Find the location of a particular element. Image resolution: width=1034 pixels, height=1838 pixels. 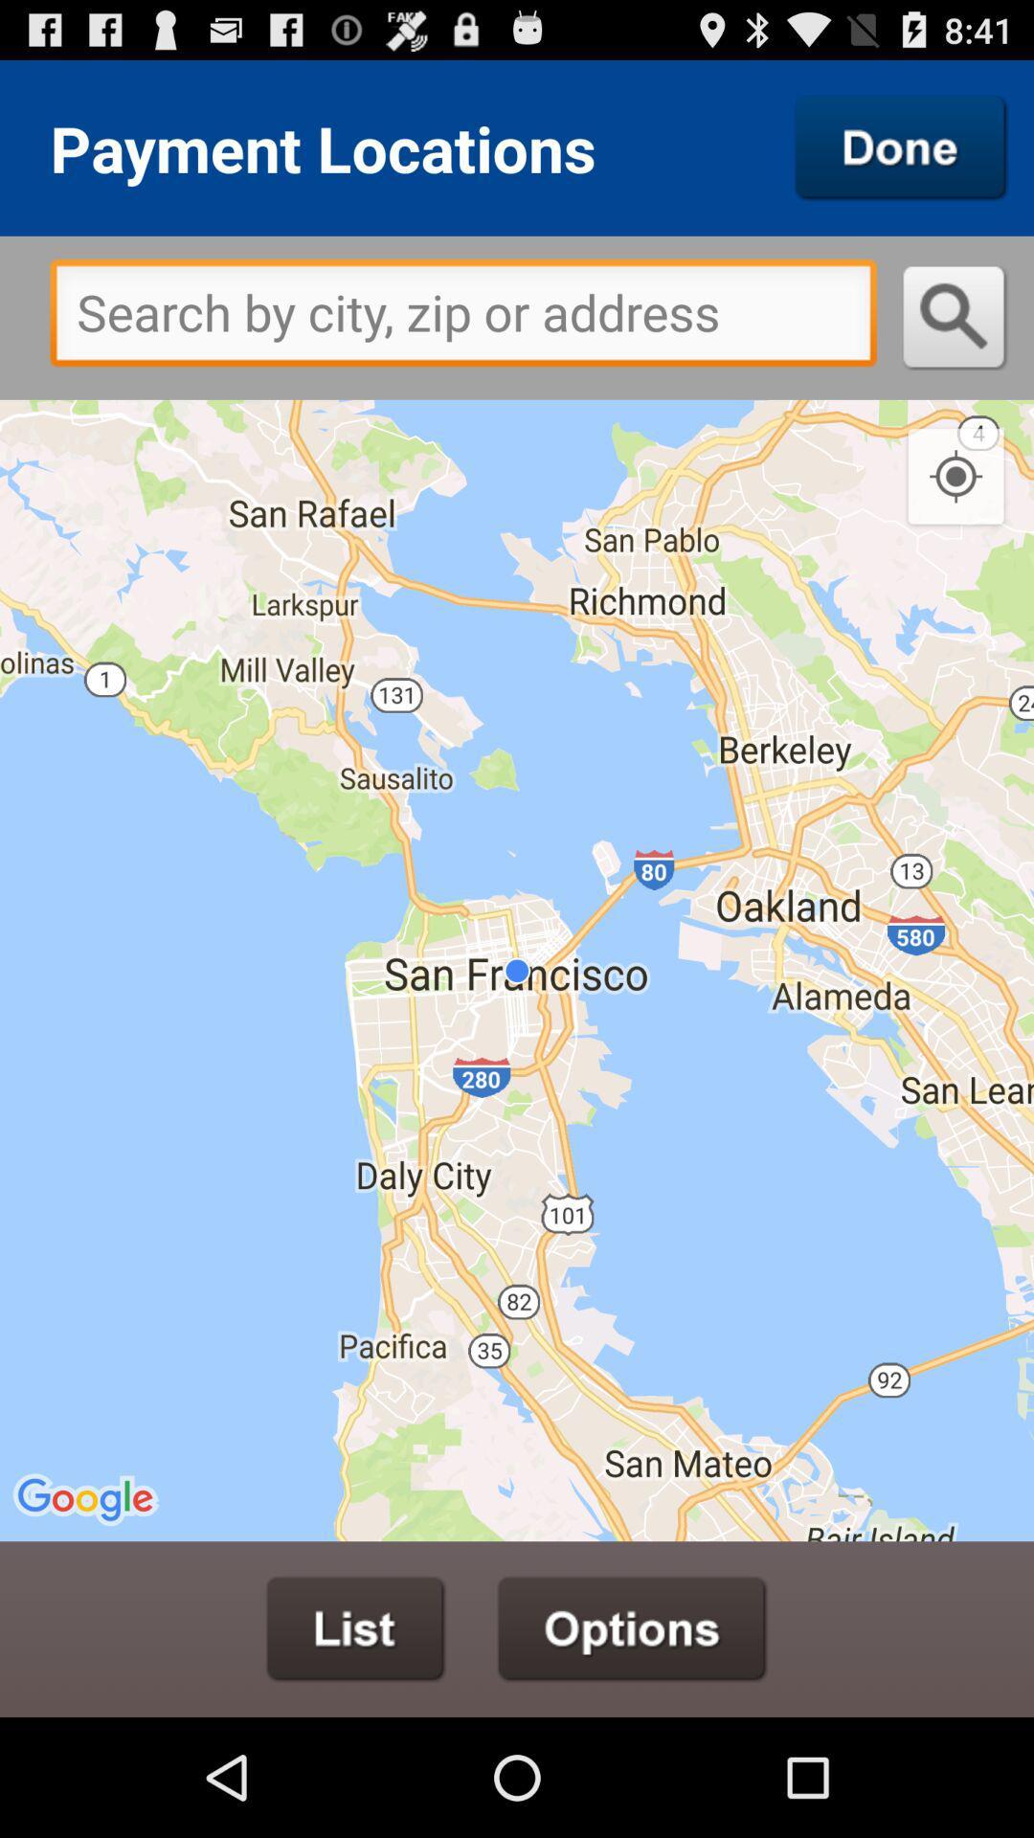

search is located at coordinates (901, 146).